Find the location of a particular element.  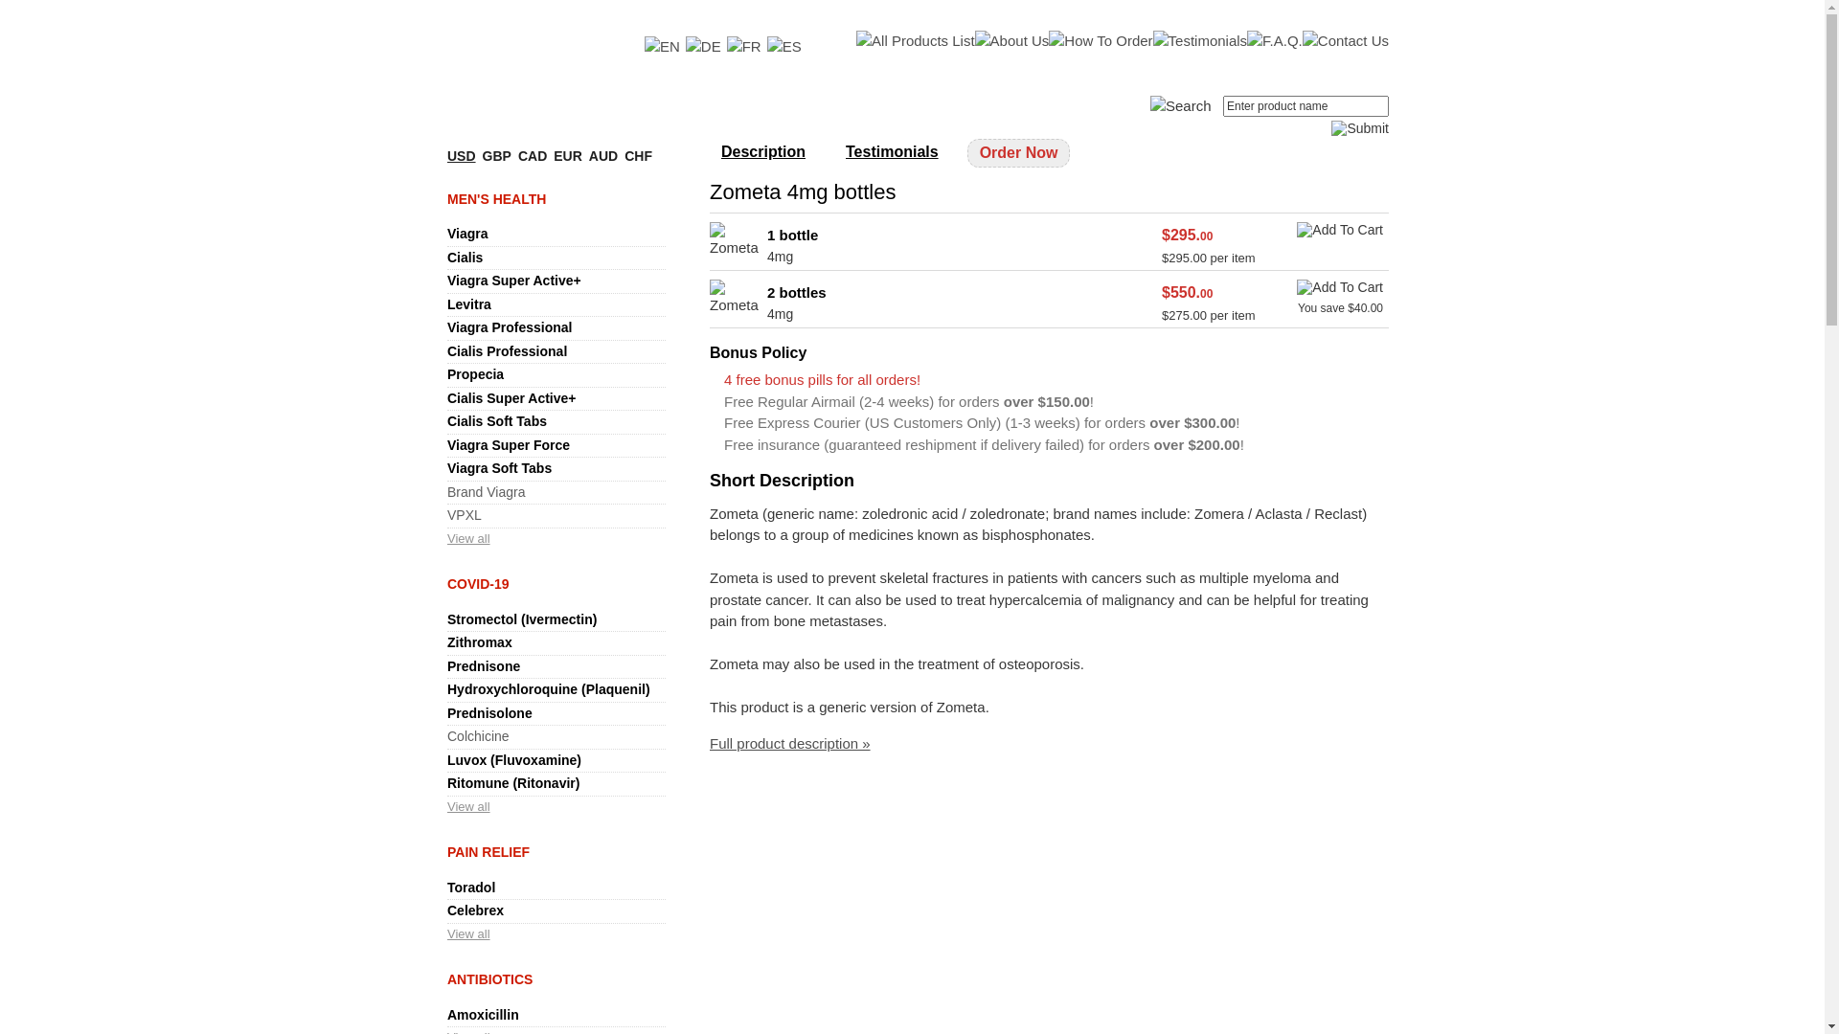

'Brand Viagra' is located at coordinates (486, 490).